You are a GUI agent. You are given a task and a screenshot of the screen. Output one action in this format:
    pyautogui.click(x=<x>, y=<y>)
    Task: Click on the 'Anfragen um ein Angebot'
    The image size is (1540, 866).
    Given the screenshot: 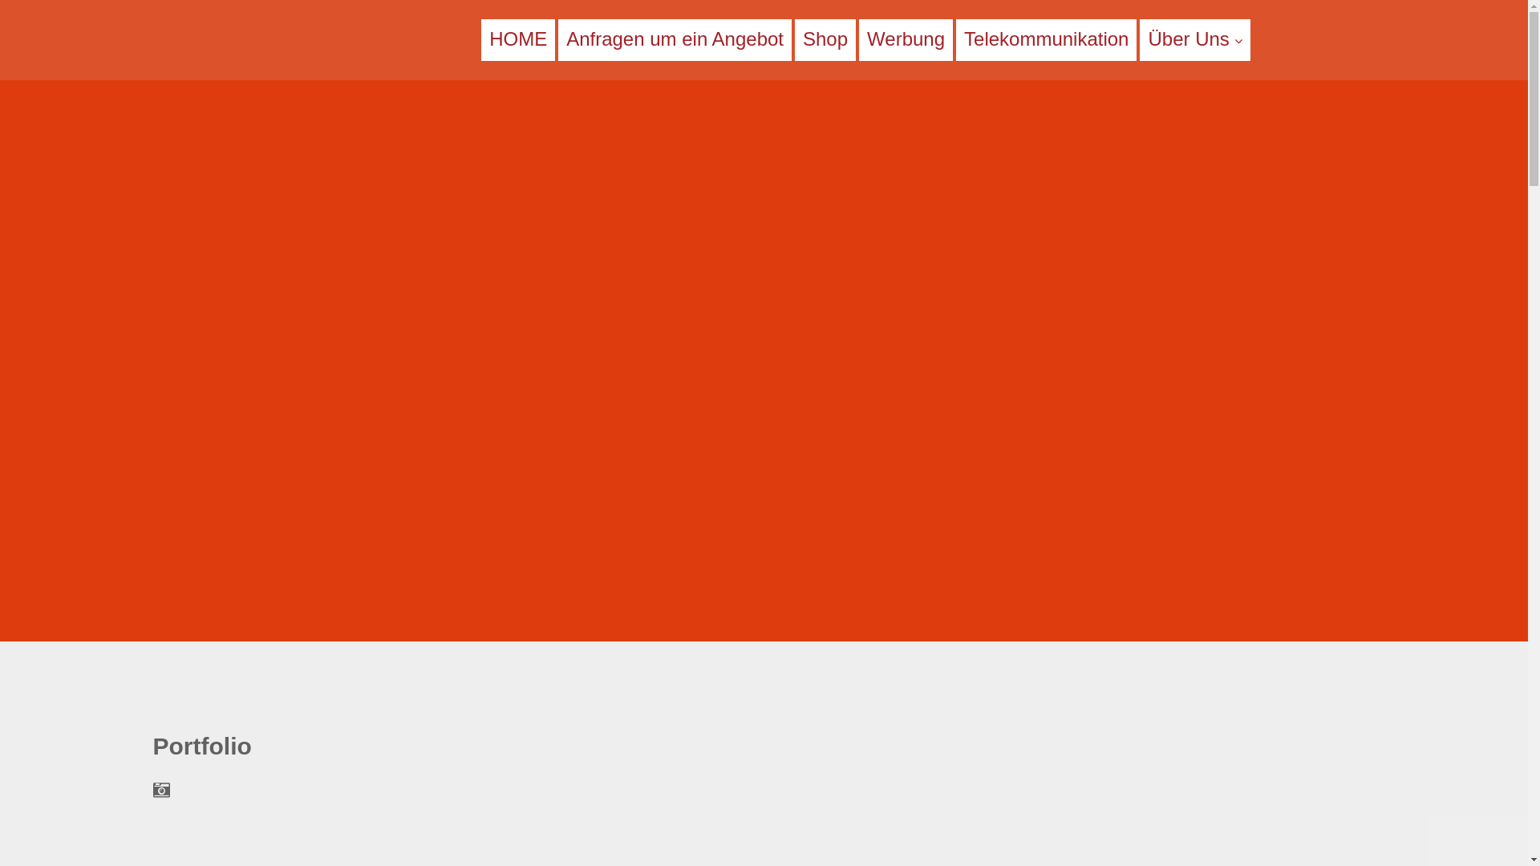 What is the action you would take?
    pyautogui.click(x=675, y=38)
    